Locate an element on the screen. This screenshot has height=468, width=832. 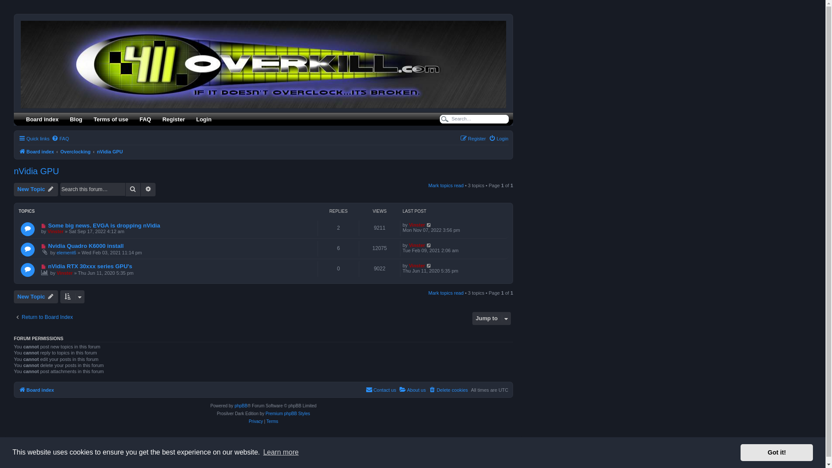
'FAQ' is located at coordinates (145, 119).